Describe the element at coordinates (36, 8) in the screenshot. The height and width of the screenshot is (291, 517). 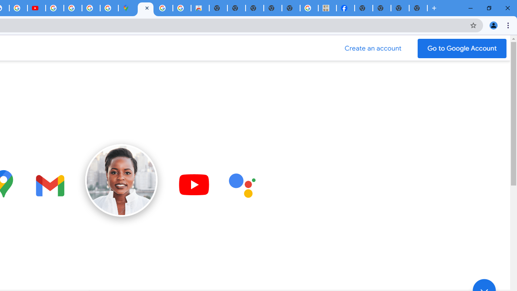
I see `'Subscriptions - YouTube'` at that location.